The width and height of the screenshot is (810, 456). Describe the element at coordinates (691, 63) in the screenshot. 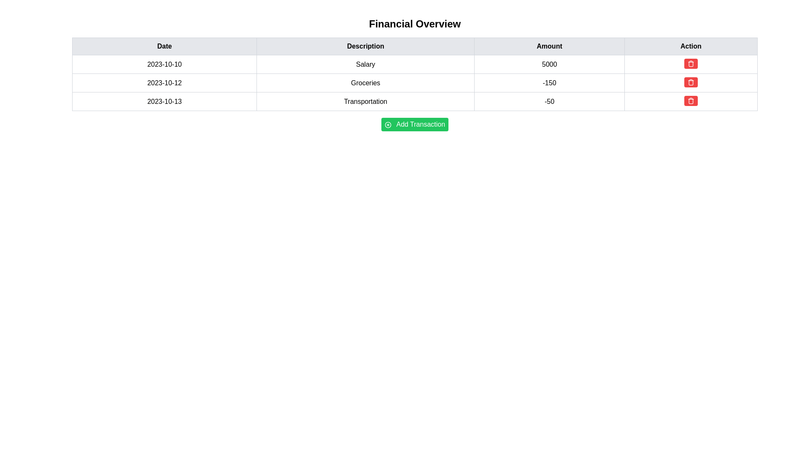

I see `the first button in the 'Action' column of the first row, which has a red background and a white trash bin icon` at that location.